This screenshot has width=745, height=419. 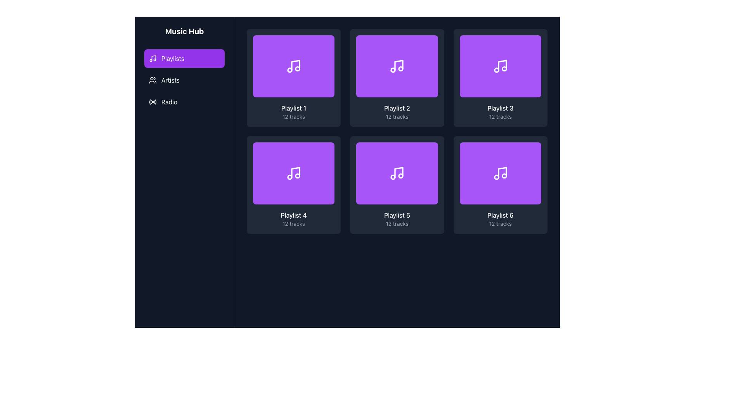 I want to click on the 'Playlists' text label within the purple button in the vertical navigation menu, so click(x=172, y=58).